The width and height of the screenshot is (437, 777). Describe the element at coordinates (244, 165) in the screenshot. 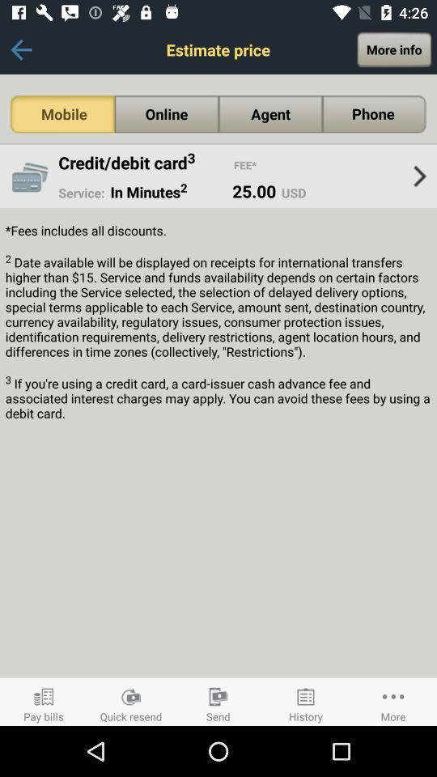

I see `app to the right of credit/debit card3 icon` at that location.